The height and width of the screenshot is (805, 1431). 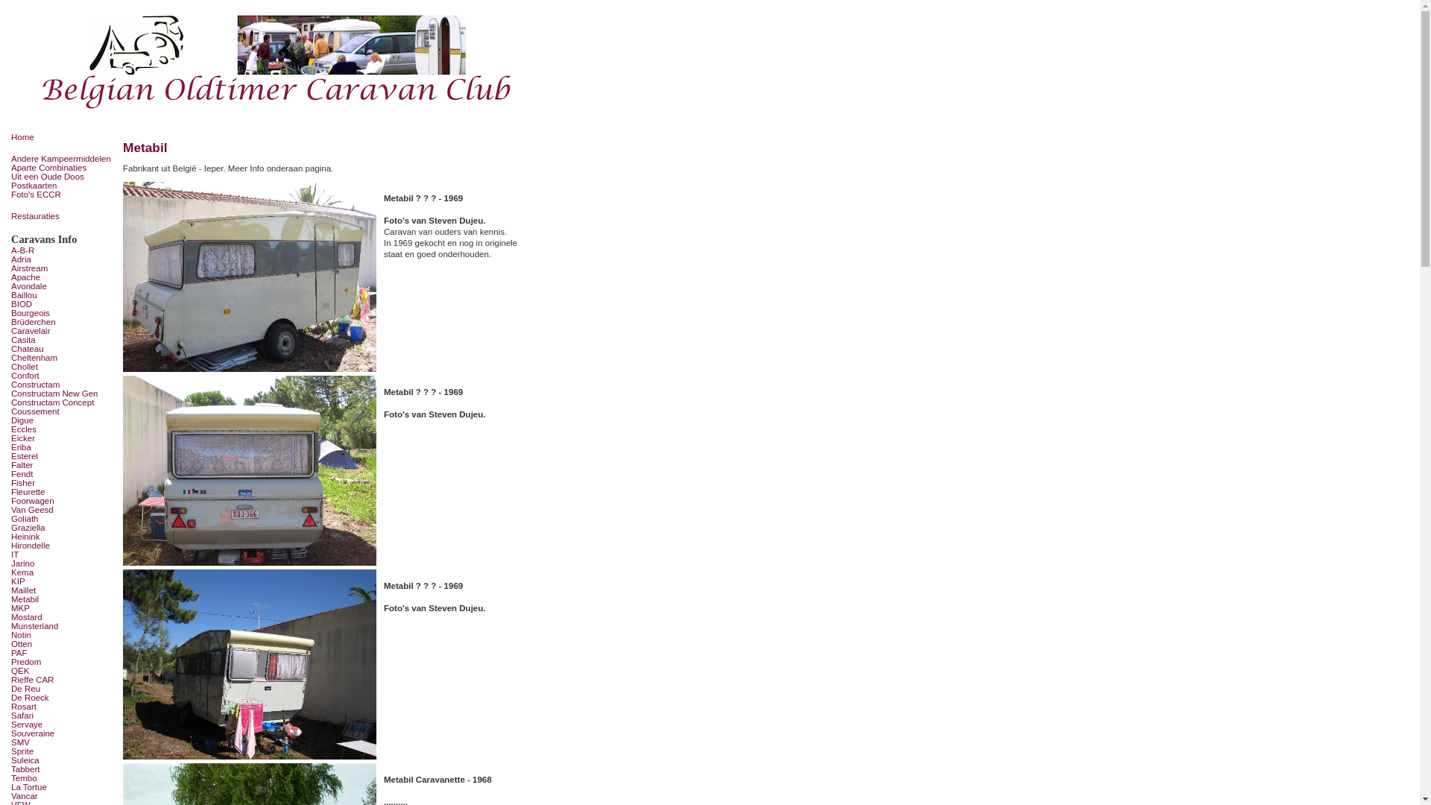 What do you see at coordinates (10, 732) in the screenshot?
I see `'Souveraine'` at bounding box center [10, 732].